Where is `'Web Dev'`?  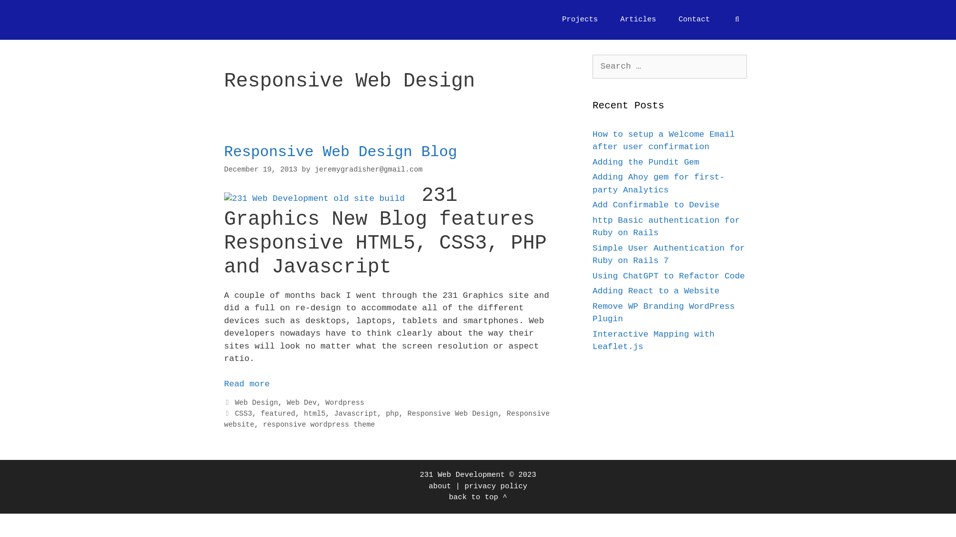 'Web Dev' is located at coordinates (301, 403).